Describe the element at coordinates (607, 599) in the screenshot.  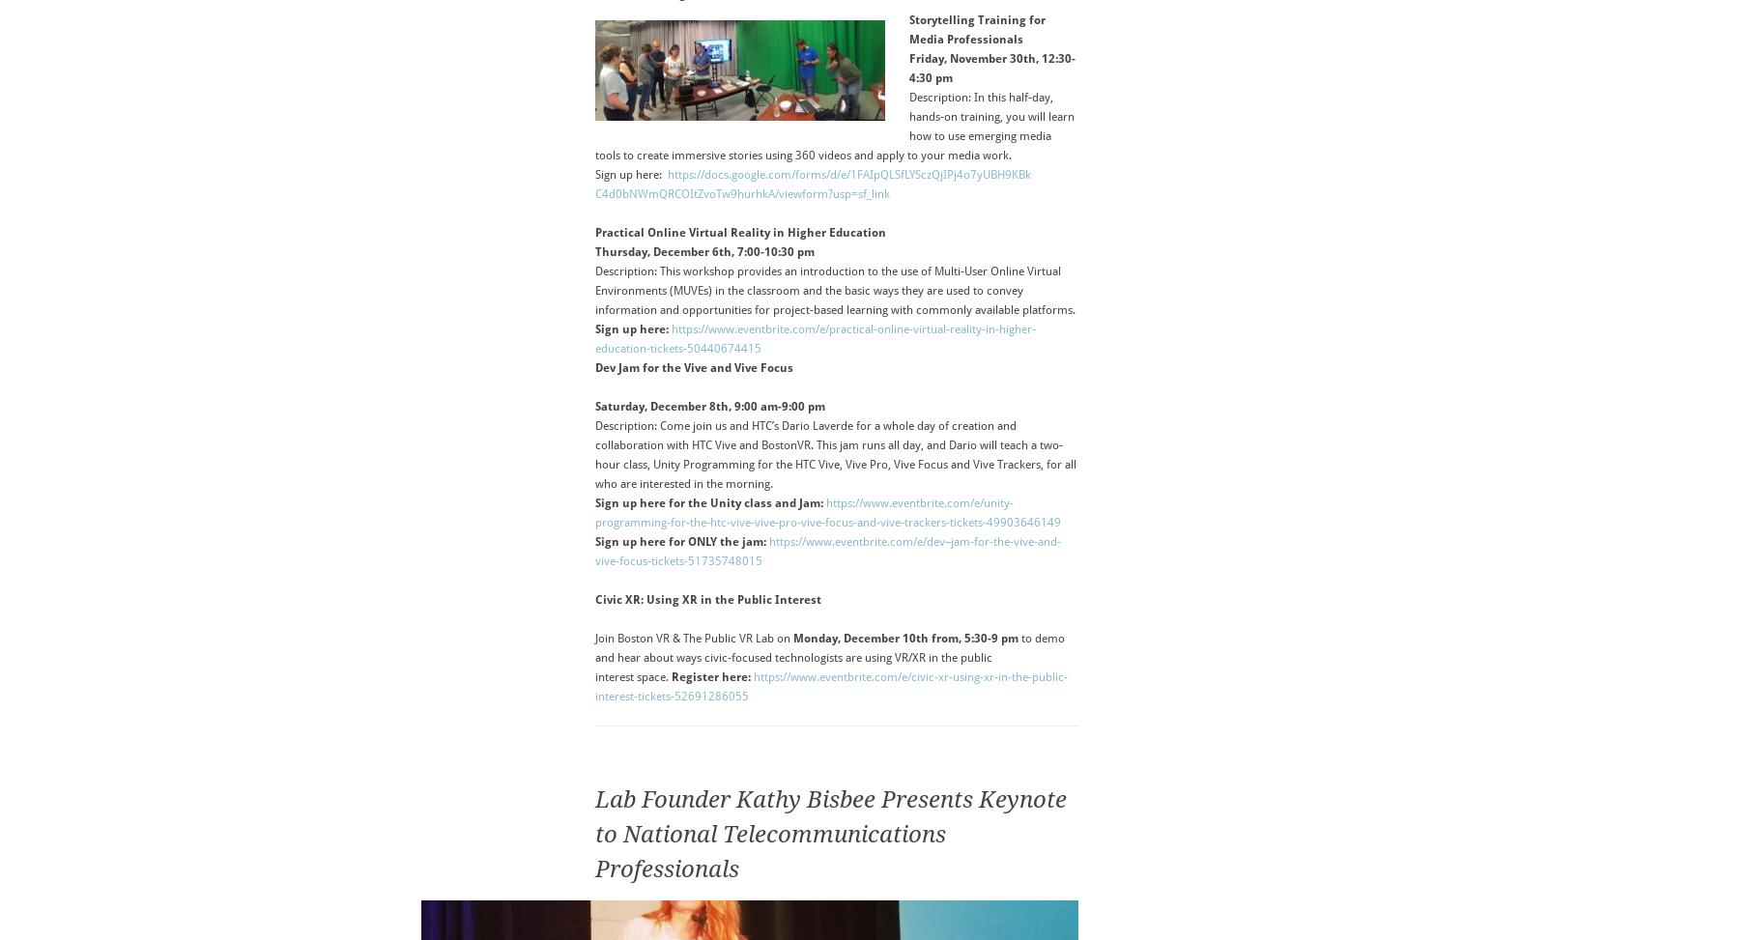
I see `'Civic'` at that location.